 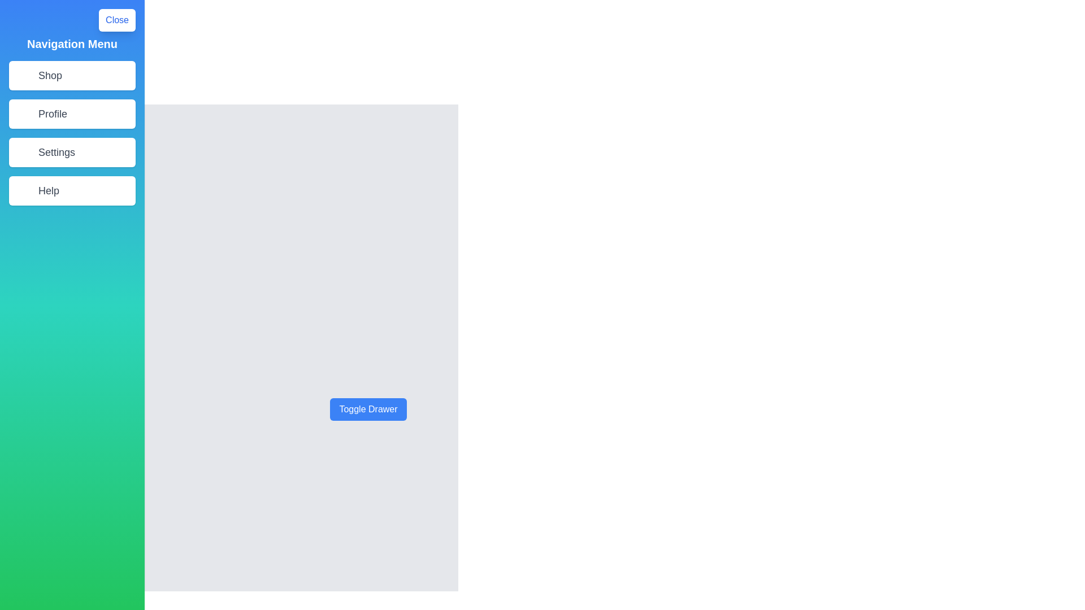 What do you see at coordinates (72, 76) in the screenshot?
I see `the menu item Shop to navigate to the corresponding section` at bounding box center [72, 76].